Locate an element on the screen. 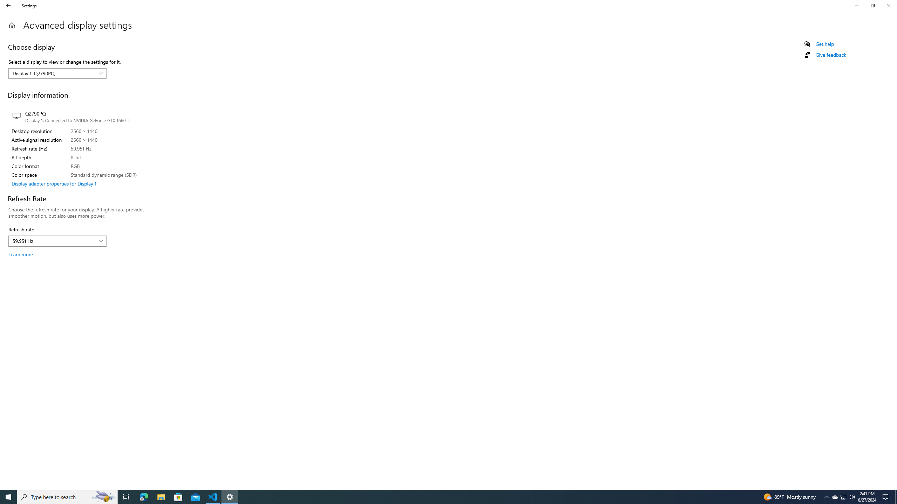 This screenshot has height=504, width=897. 'Home' is located at coordinates (8, 5).